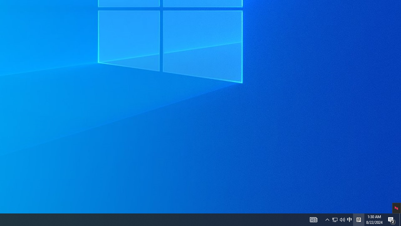 This screenshot has height=226, width=401. What do you see at coordinates (400, 219) in the screenshot?
I see `'Show desktop'` at bounding box center [400, 219].